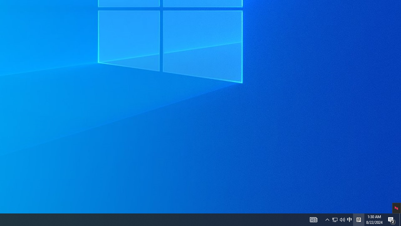 This screenshot has height=226, width=401. What do you see at coordinates (400, 219) in the screenshot?
I see `'Show desktop'` at bounding box center [400, 219].